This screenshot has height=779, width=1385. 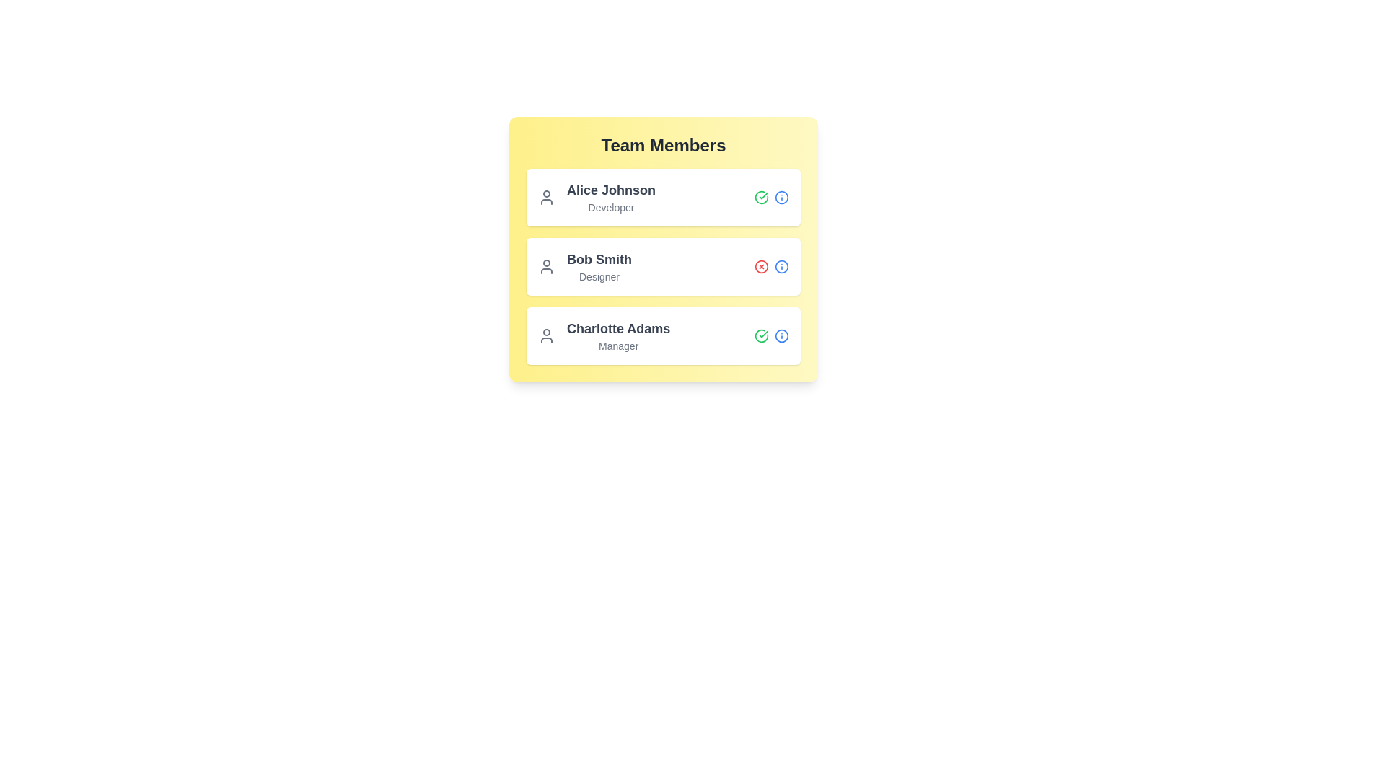 I want to click on information icon for the profile of Charlotte Adams, so click(x=781, y=336).